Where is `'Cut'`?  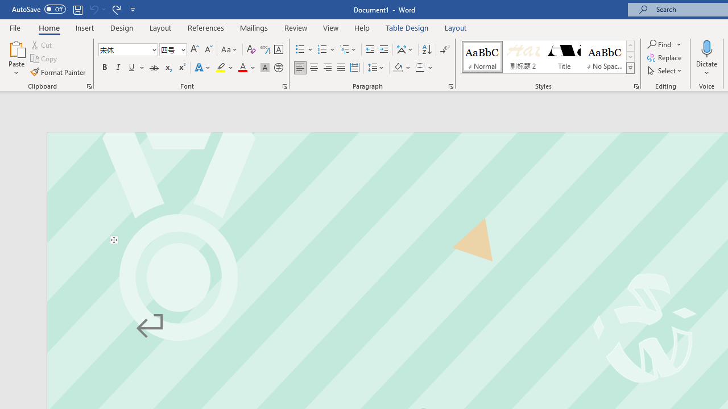 'Cut' is located at coordinates (42, 44).